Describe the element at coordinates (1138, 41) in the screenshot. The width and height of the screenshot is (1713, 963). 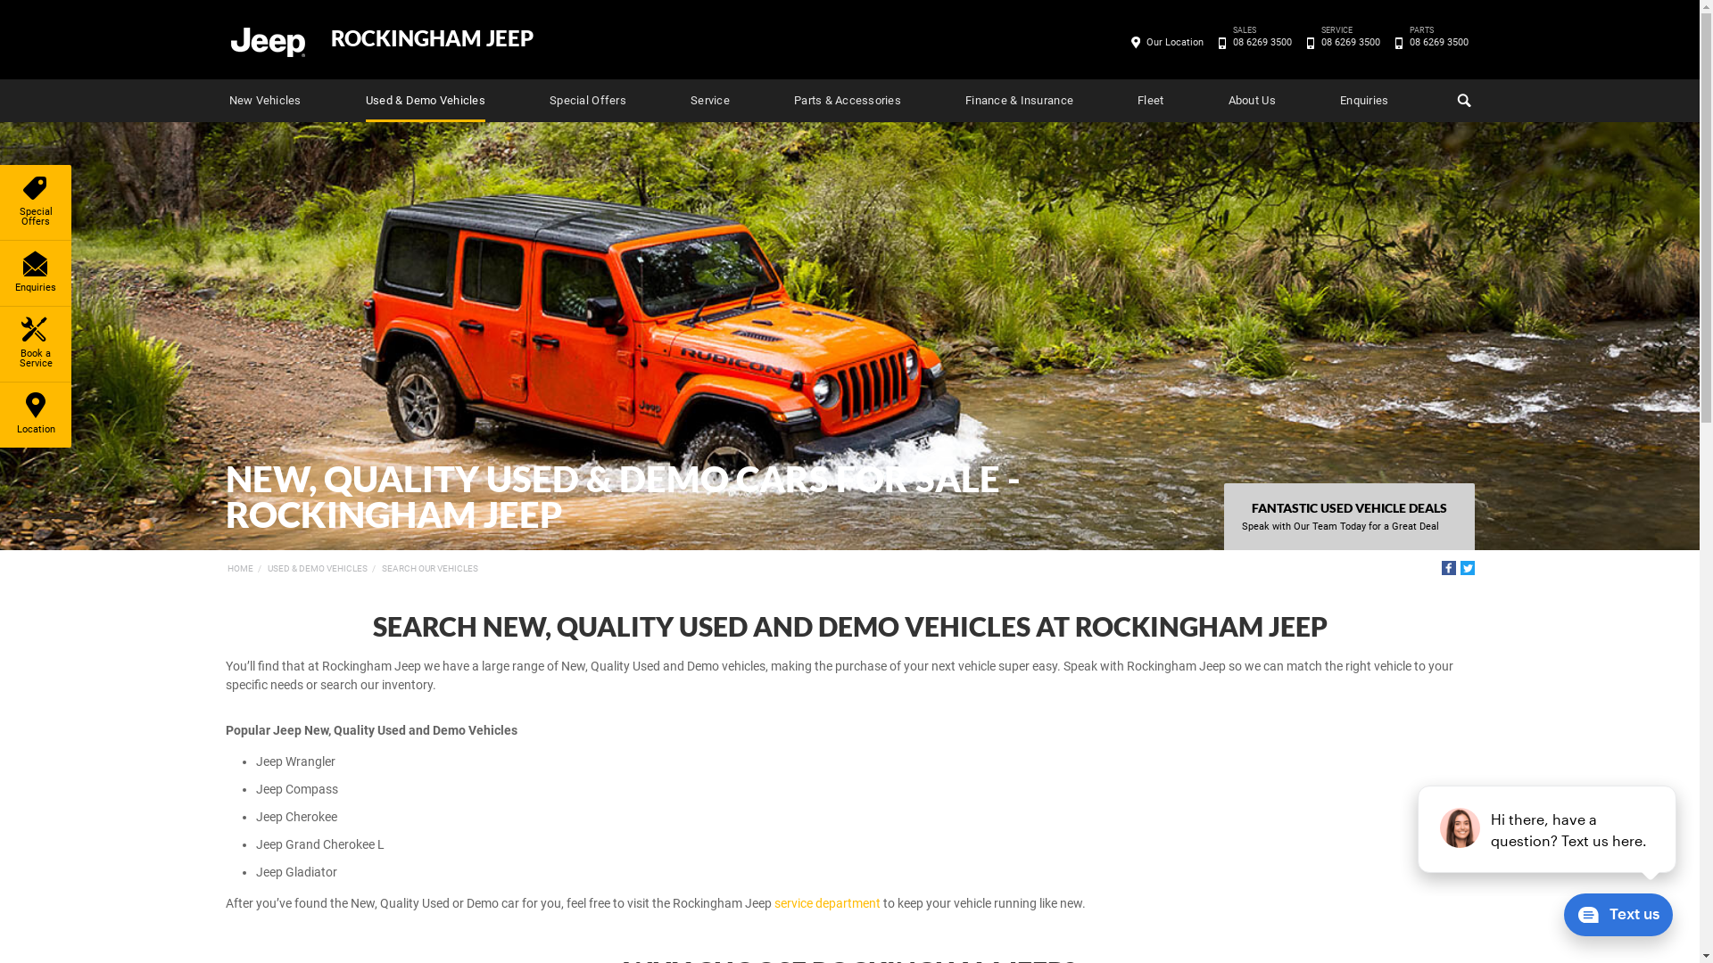
I see `'Our Location'` at that location.